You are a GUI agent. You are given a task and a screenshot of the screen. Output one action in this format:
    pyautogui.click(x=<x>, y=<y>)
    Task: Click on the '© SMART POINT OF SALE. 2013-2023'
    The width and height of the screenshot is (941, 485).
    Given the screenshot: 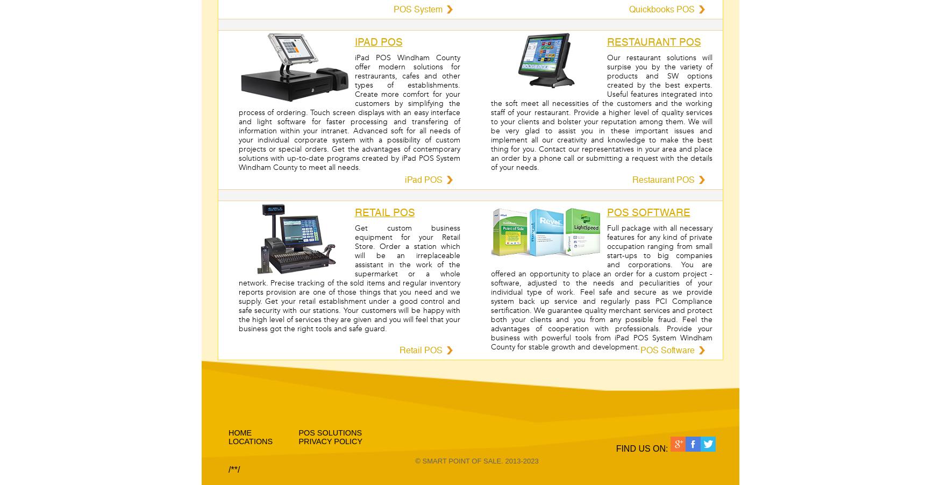 What is the action you would take?
    pyautogui.click(x=476, y=461)
    